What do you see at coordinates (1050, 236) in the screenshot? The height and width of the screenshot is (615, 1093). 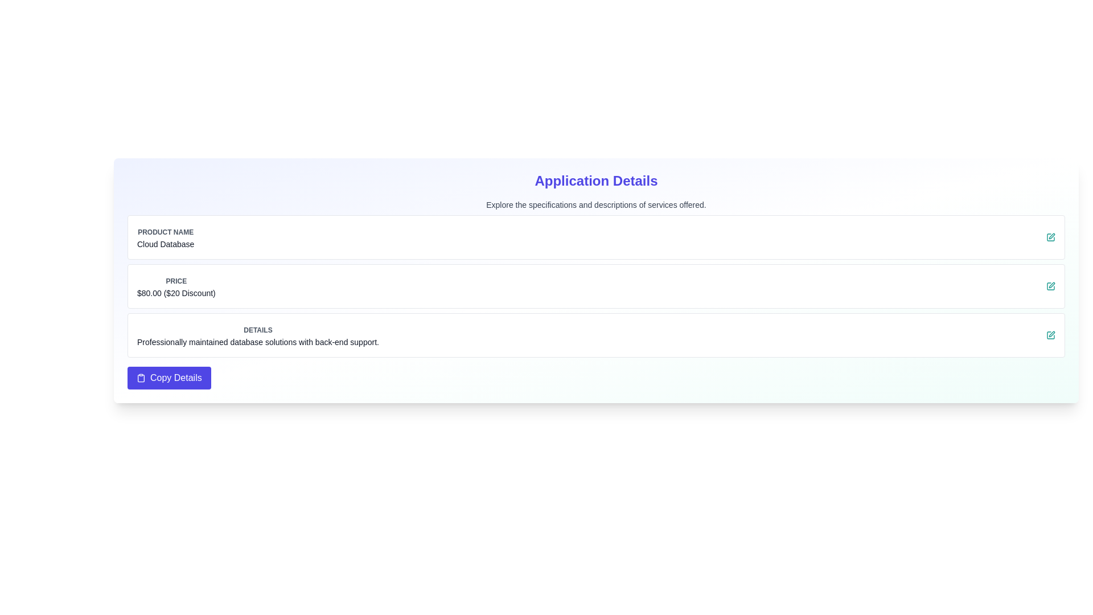 I see `the pencil icon button for editing, located on the rightmost side of the 'Product Name' section` at bounding box center [1050, 236].